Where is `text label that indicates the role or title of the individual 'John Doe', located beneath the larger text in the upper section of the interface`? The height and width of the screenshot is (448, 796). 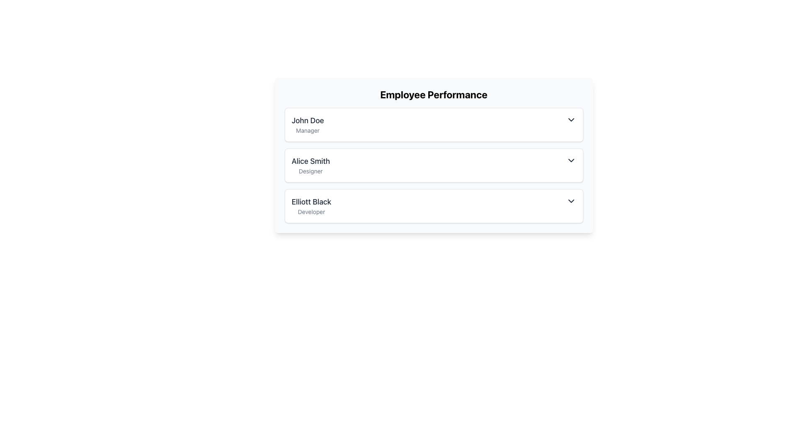 text label that indicates the role or title of the individual 'John Doe', located beneath the larger text in the upper section of the interface is located at coordinates (307, 131).